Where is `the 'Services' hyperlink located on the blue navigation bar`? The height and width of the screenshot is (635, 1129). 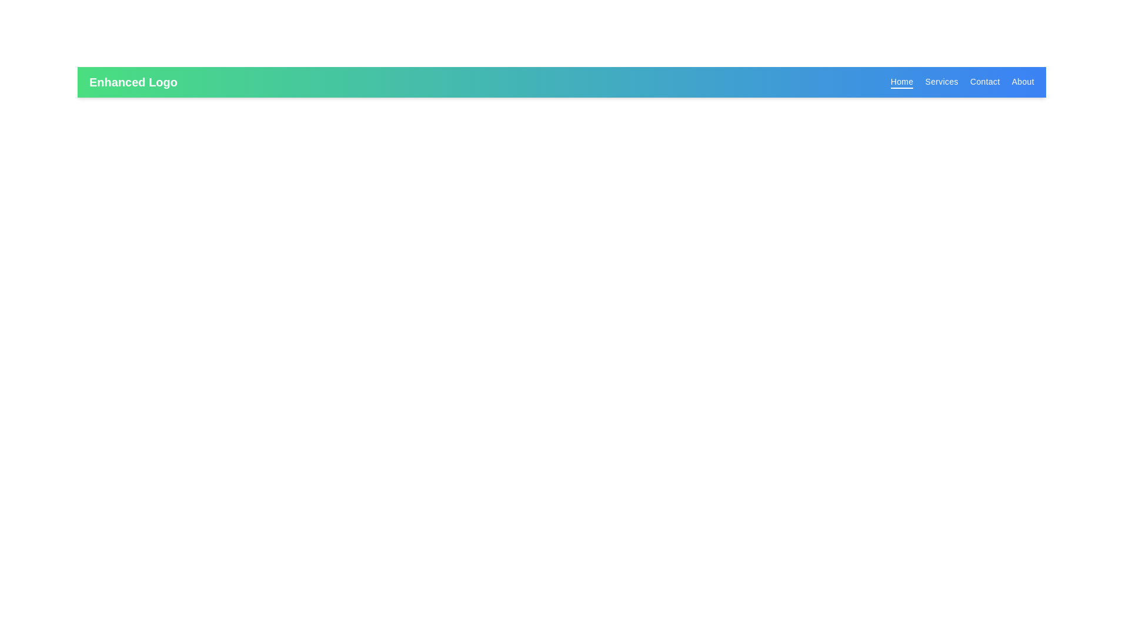
the 'Services' hyperlink located on the blue navigation bar is located at coordinates (941, 81).